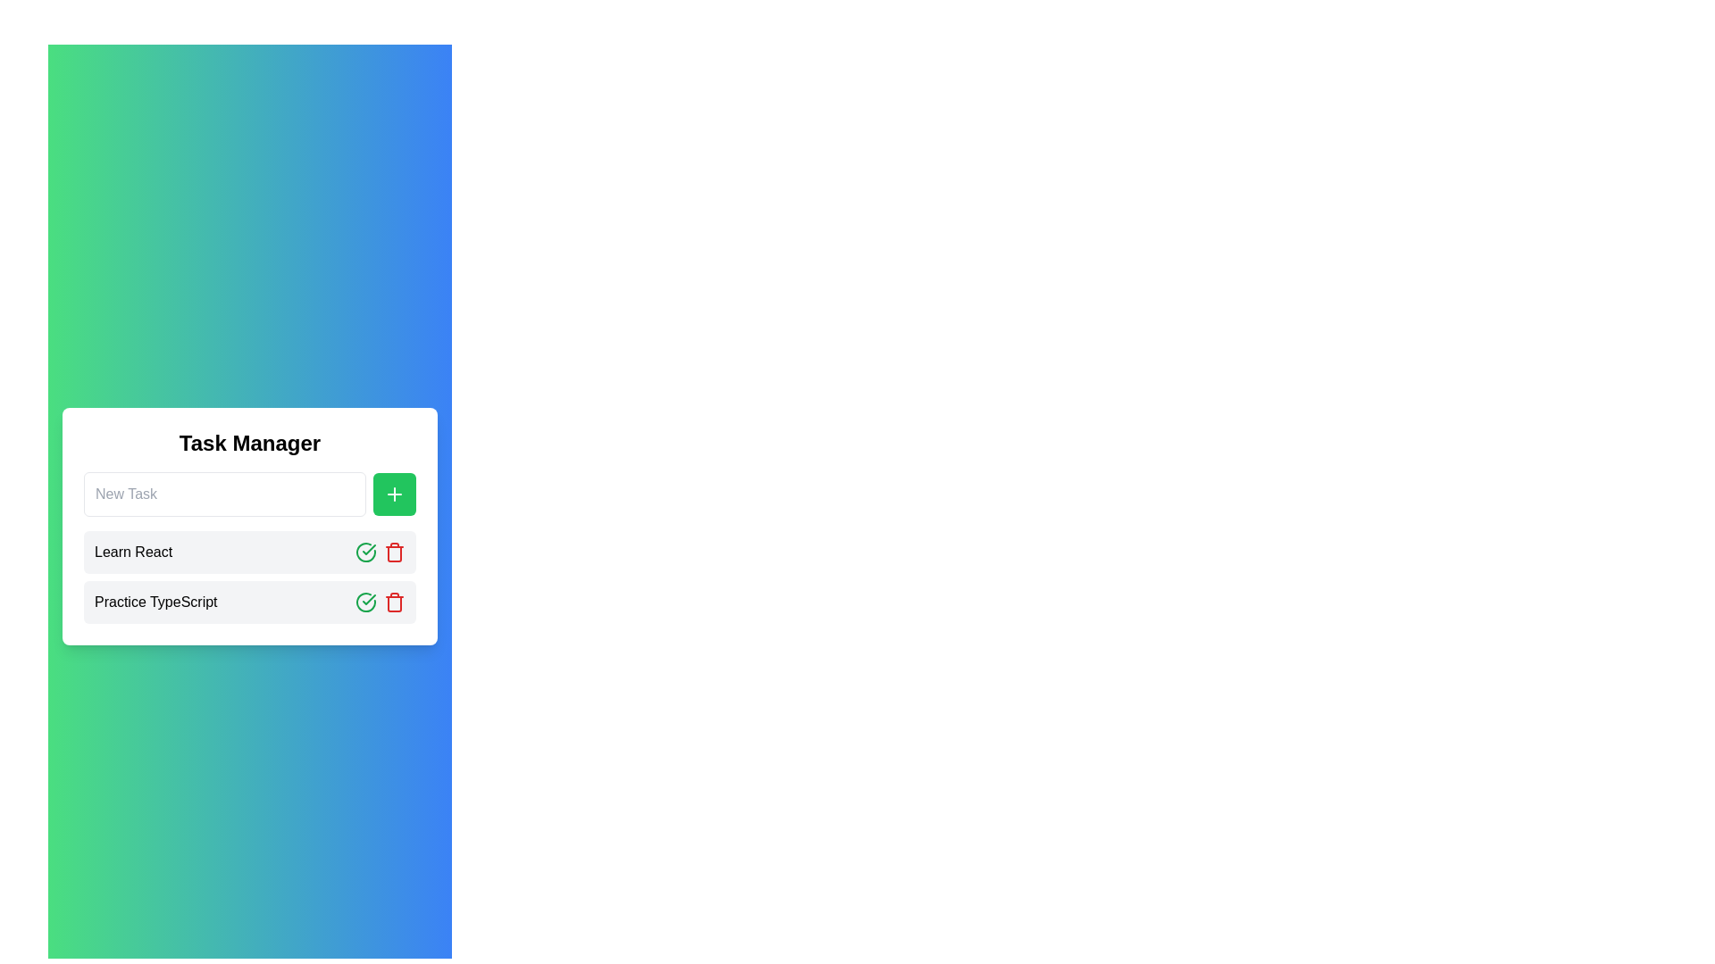 The width and height of the screenshot is (1715, 964). Describe the element at coordinates (393, 494) in the screenshot. I see `the button to the right of the 'New Task' input box in the task manager interface` at that location.